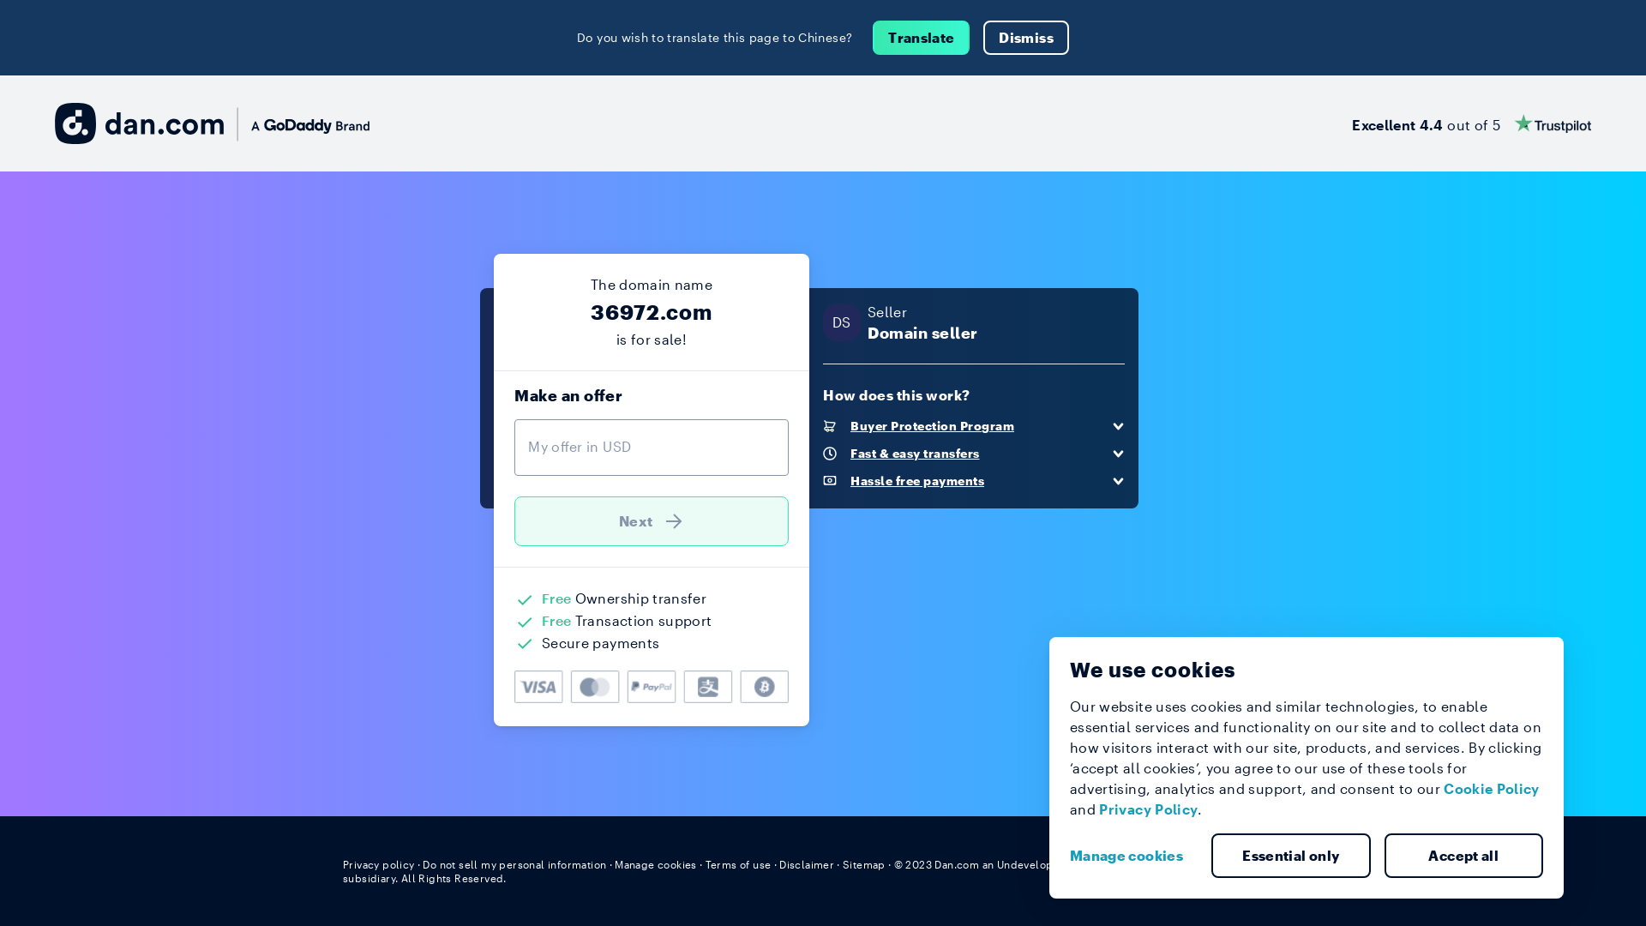  I want to click on 'Excellent 4.4 out of 5', so click(1470, 122).